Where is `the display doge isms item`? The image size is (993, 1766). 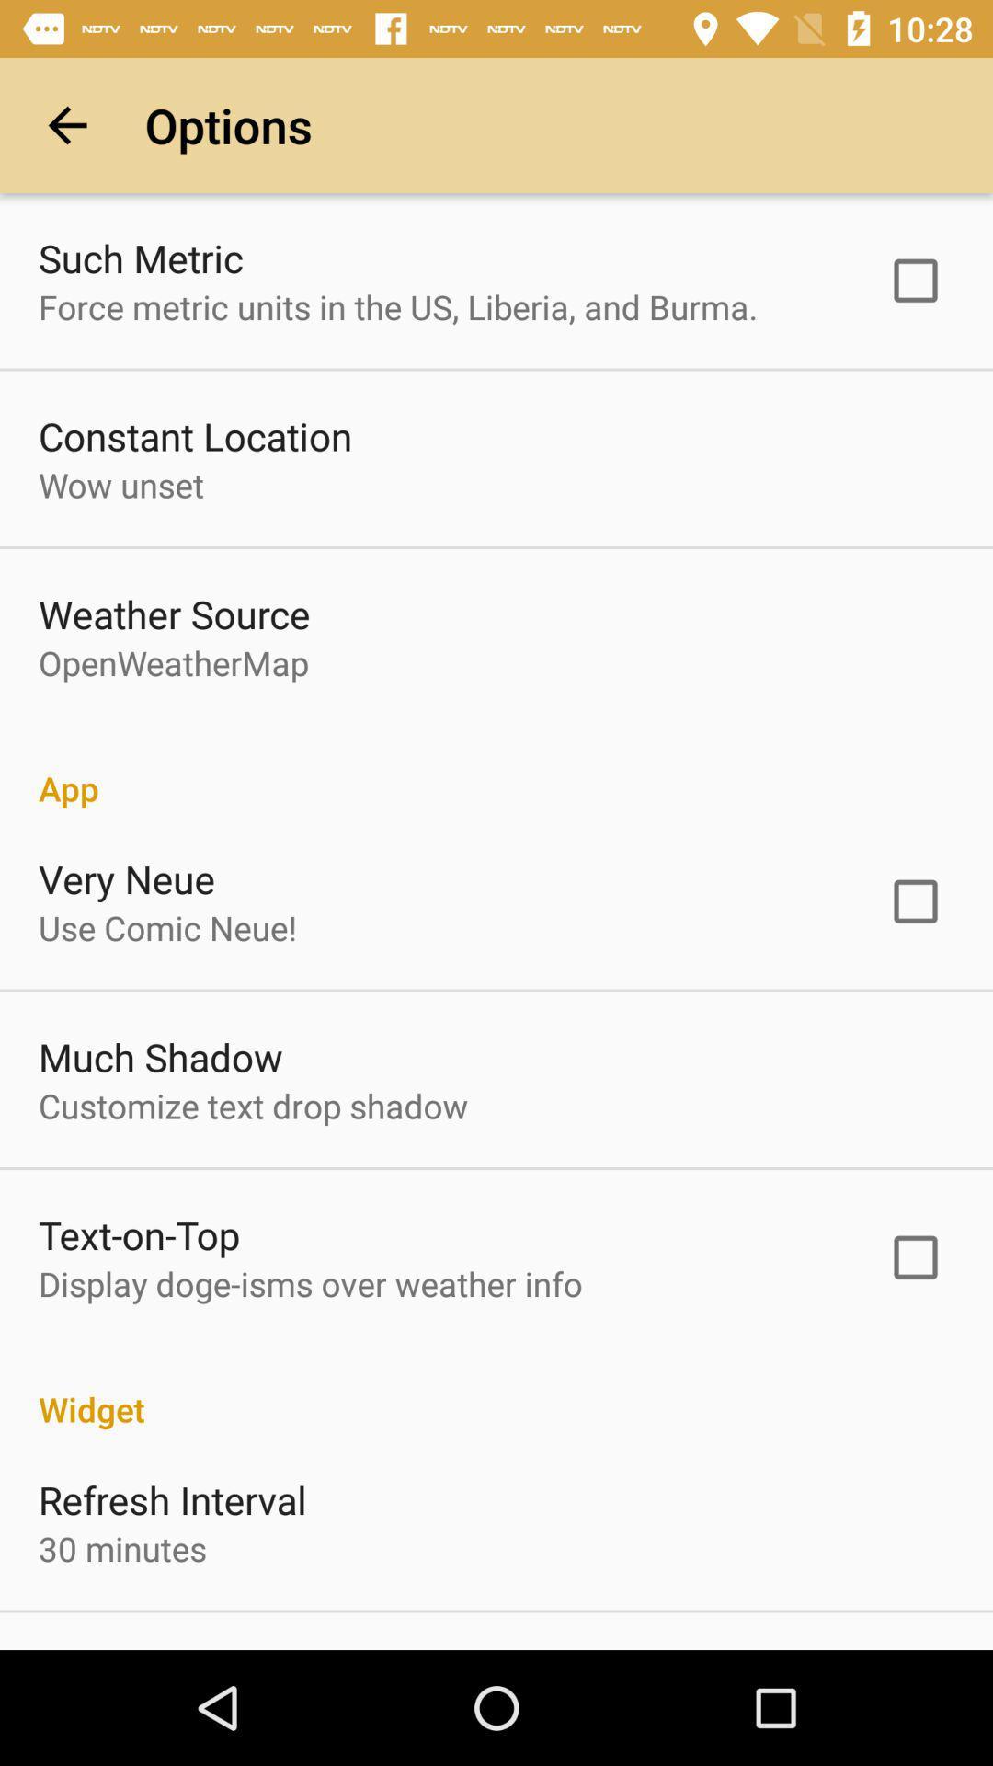 the display doge isms item is located at coordinates (309, 1282).